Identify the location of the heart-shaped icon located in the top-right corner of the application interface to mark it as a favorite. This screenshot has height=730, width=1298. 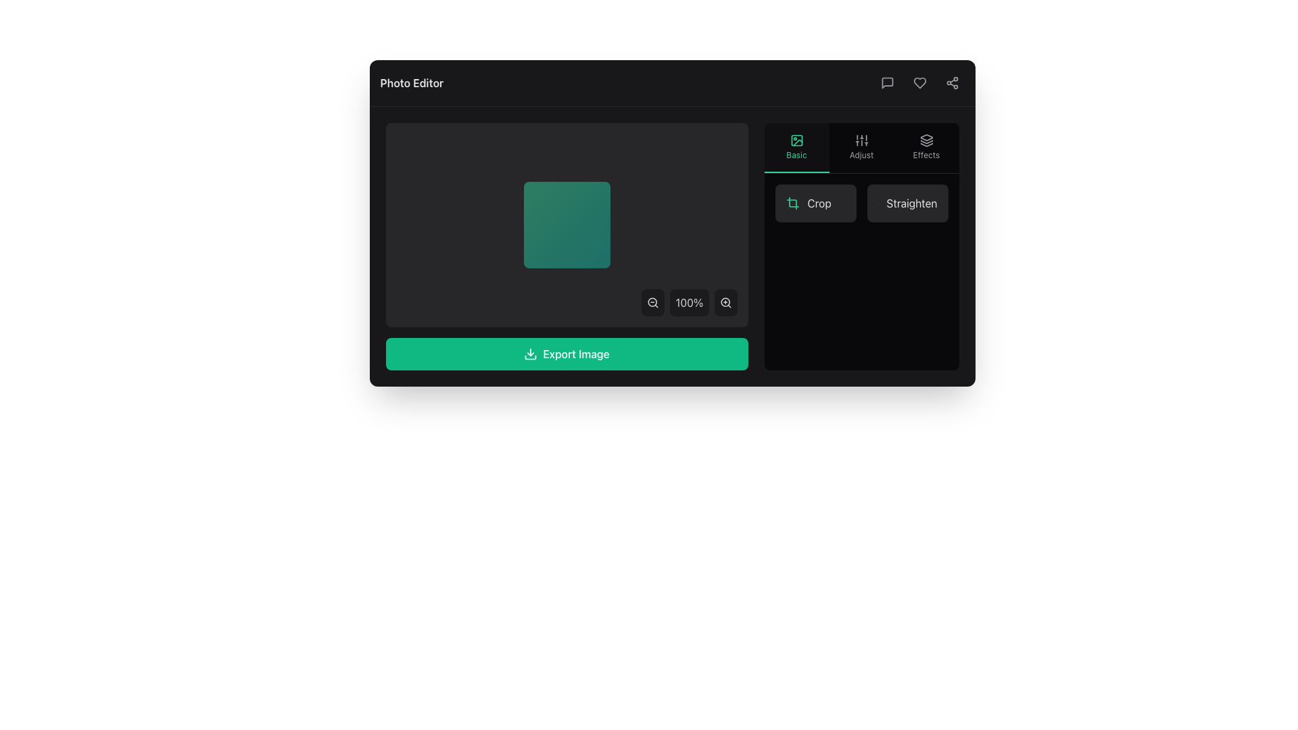
(919, 83).